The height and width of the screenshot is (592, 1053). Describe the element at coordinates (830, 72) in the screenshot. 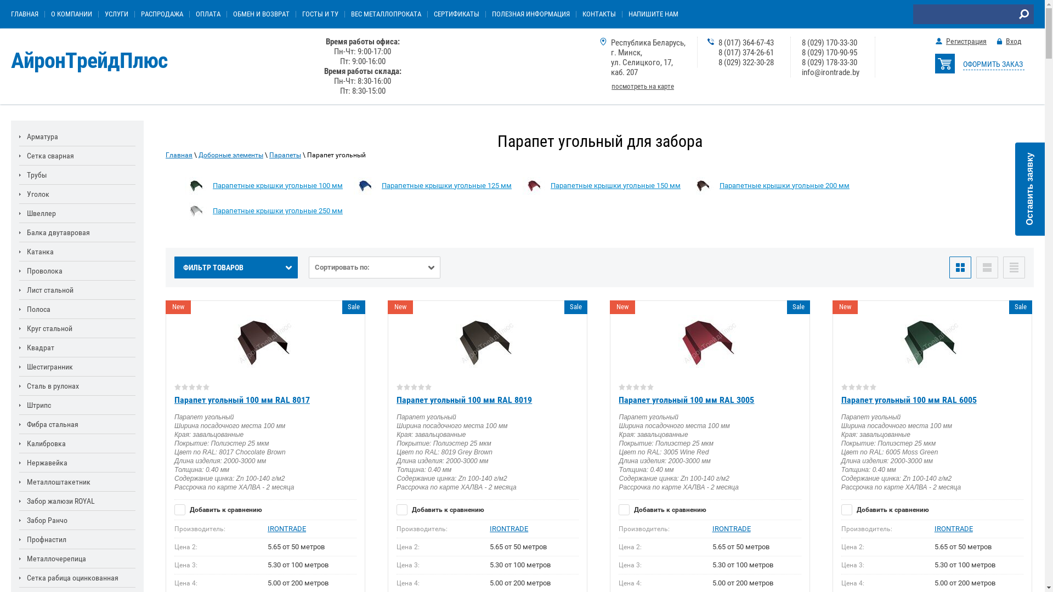

I see `'info@irontrade.by'` at that location.